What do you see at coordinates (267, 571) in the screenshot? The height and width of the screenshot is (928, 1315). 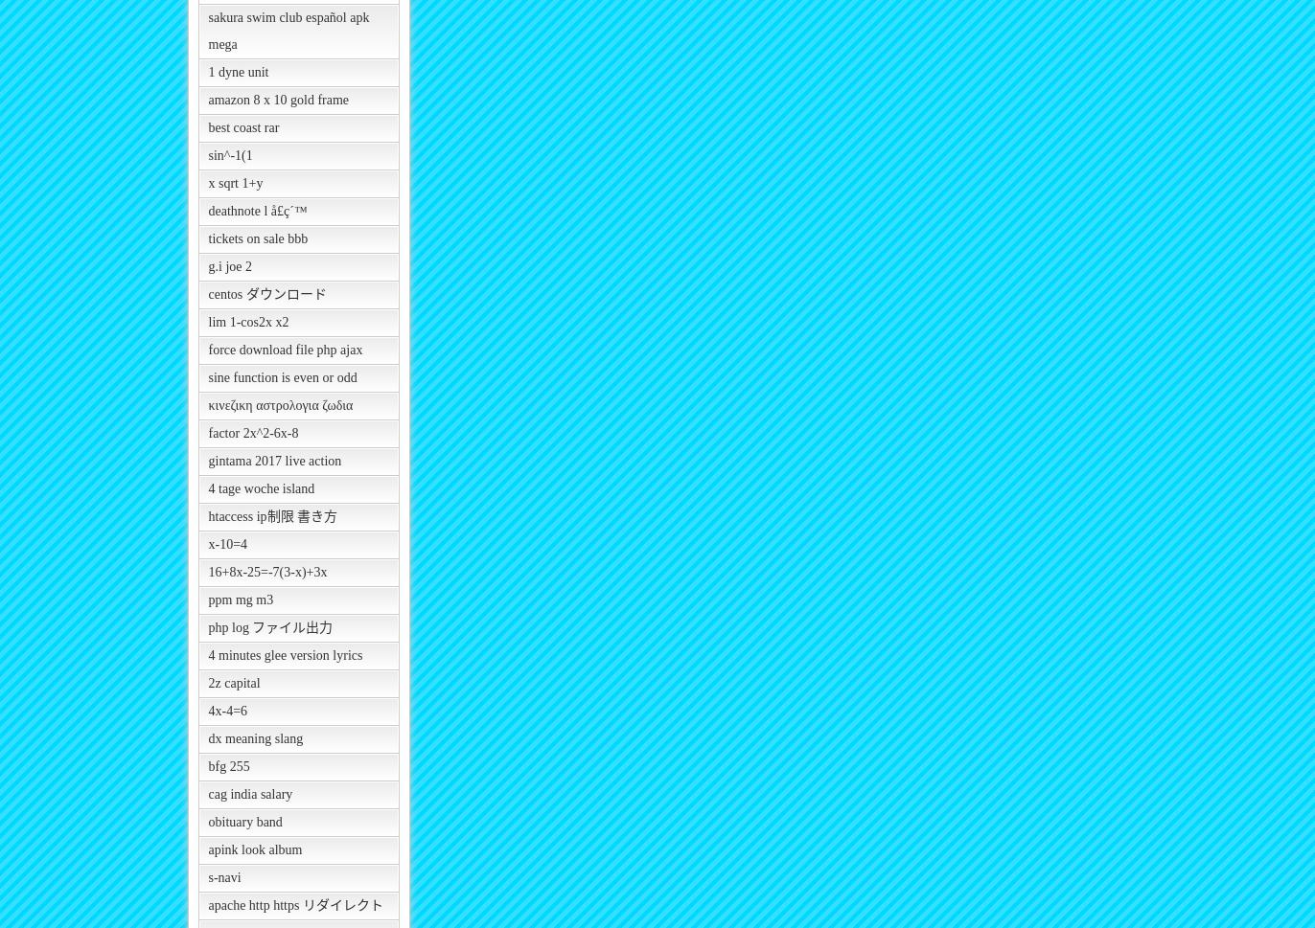 I see `'16+8x-25=-7(3-x)+3x'` at bounding box center [267, 571].